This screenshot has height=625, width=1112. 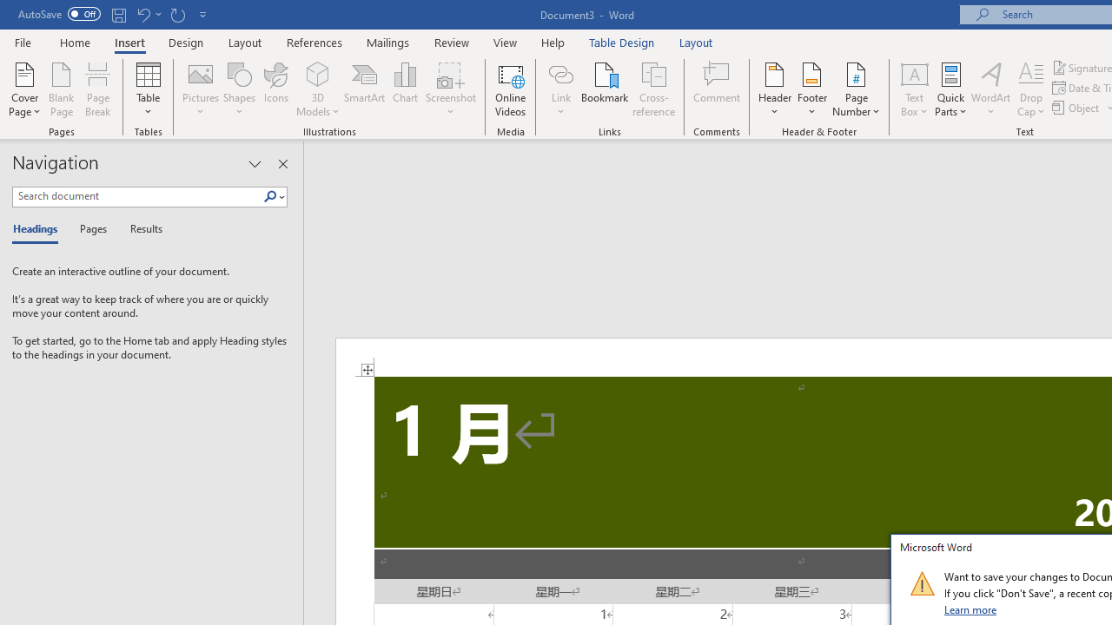 I want to click on '3D Models', so click(x=318, y=73).